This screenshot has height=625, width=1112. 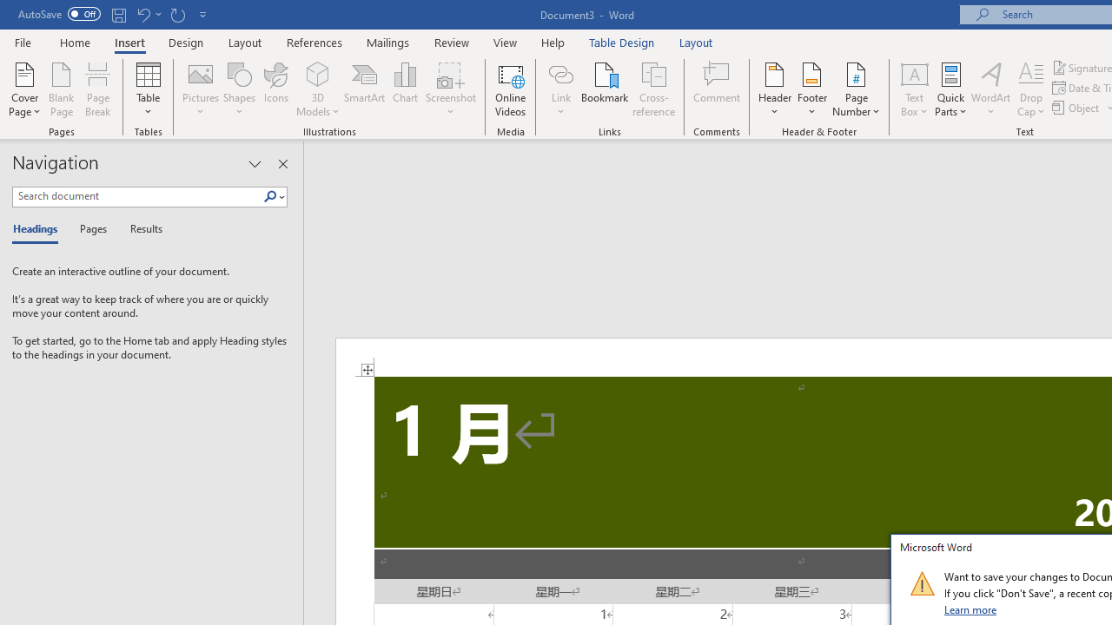 I want to click on '3D Models', so click(x=318, y=73).